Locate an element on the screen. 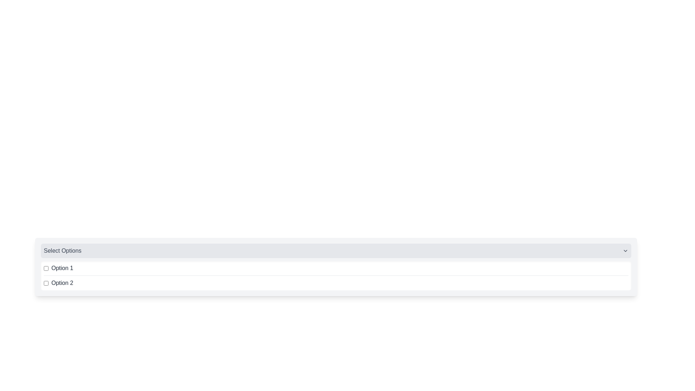  the text label displaying 'Option 1' is located at coordinates (62, 268).